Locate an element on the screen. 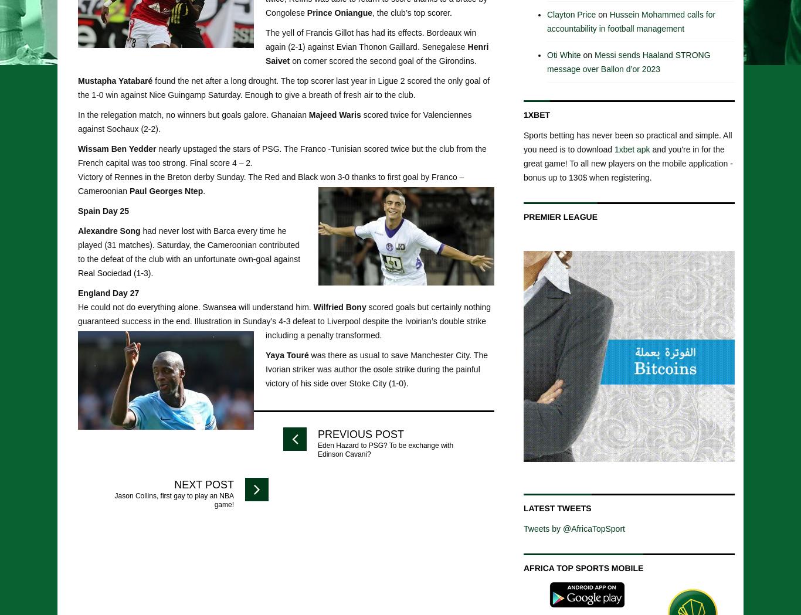 The width and height of the screenshot is (801, 615). 'Jason Collins, first gay to play an NBA game!' is located at coordinates (174, 500).